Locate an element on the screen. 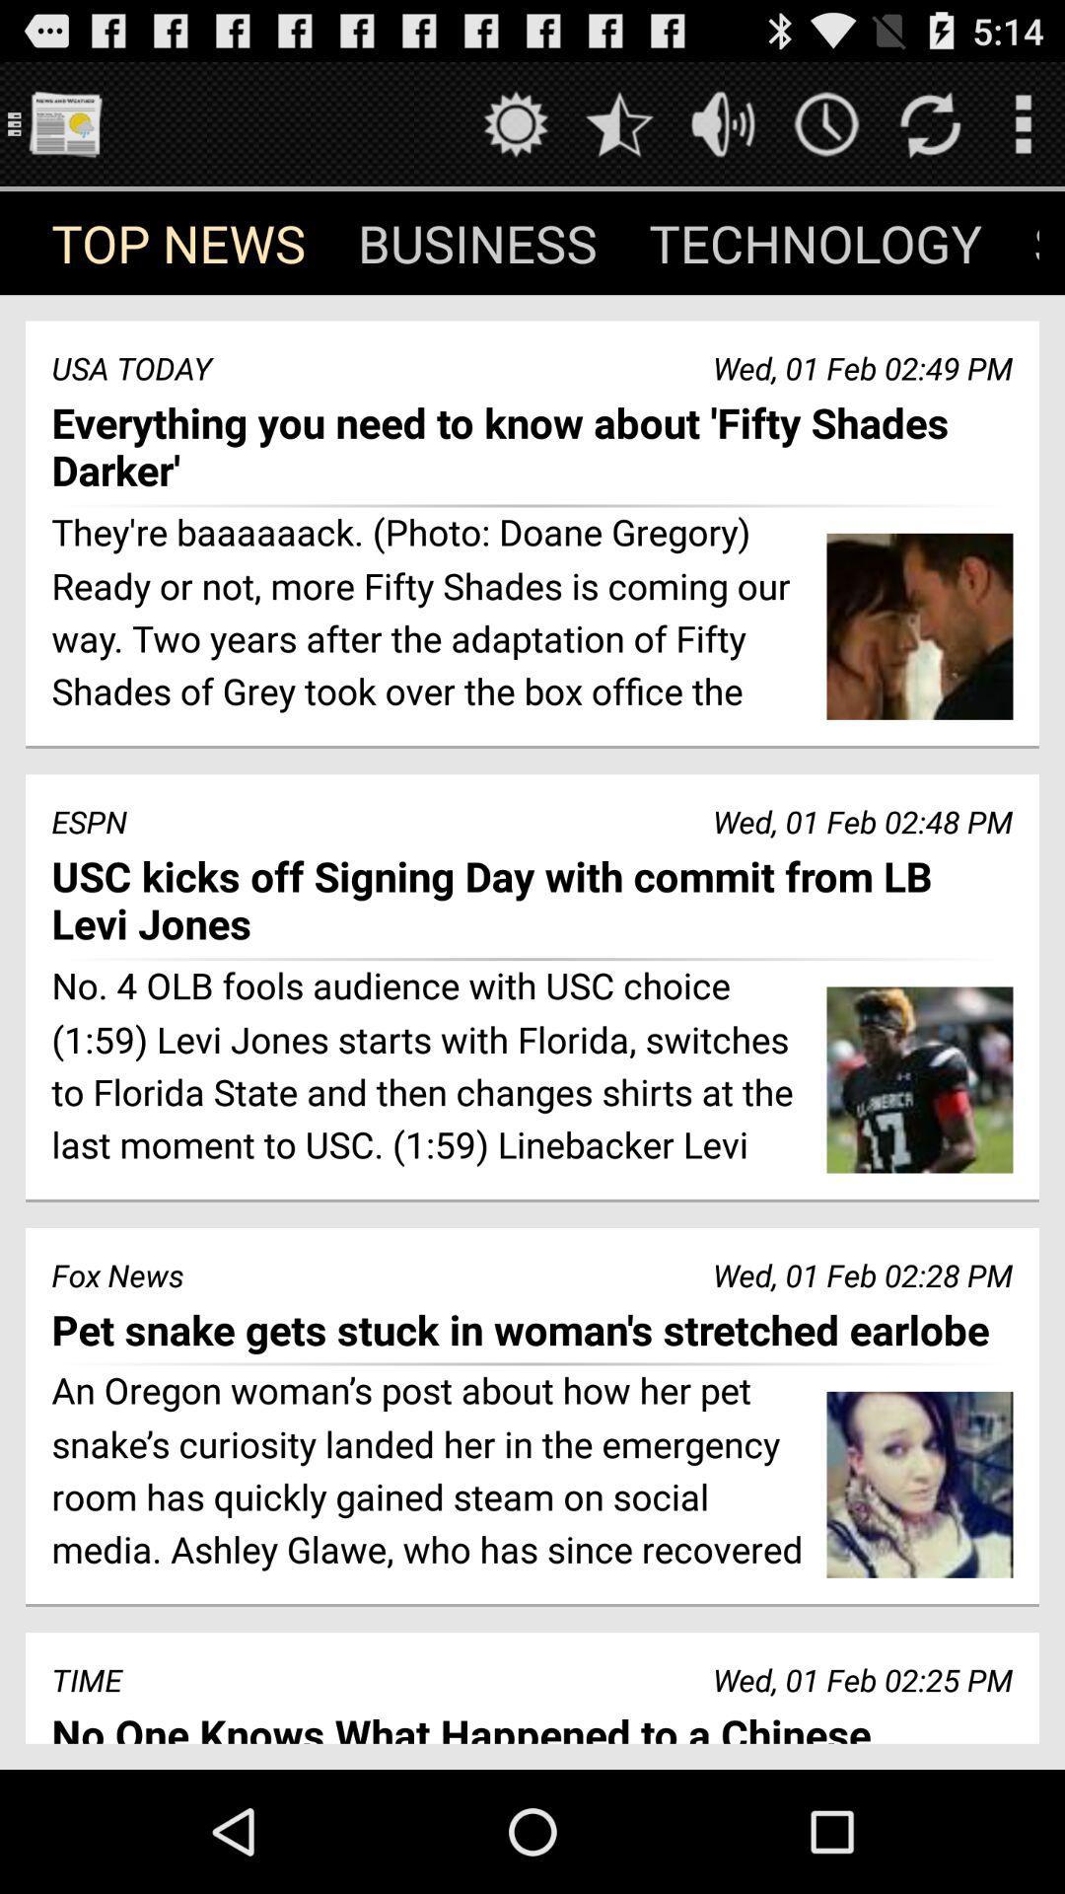 The height and width of the screenshot is (1894, 1065). more options is located at coordinates (1022, 122).